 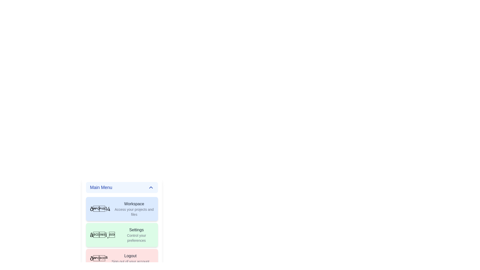 What do you see at coordinates (134, 209) in the screenshot?
I see `contents of the Text label located within the top blue card in the vertical list, which serves as a menu item guiding users to access their workspace containing projects and files` at bounding box center [134, 209].